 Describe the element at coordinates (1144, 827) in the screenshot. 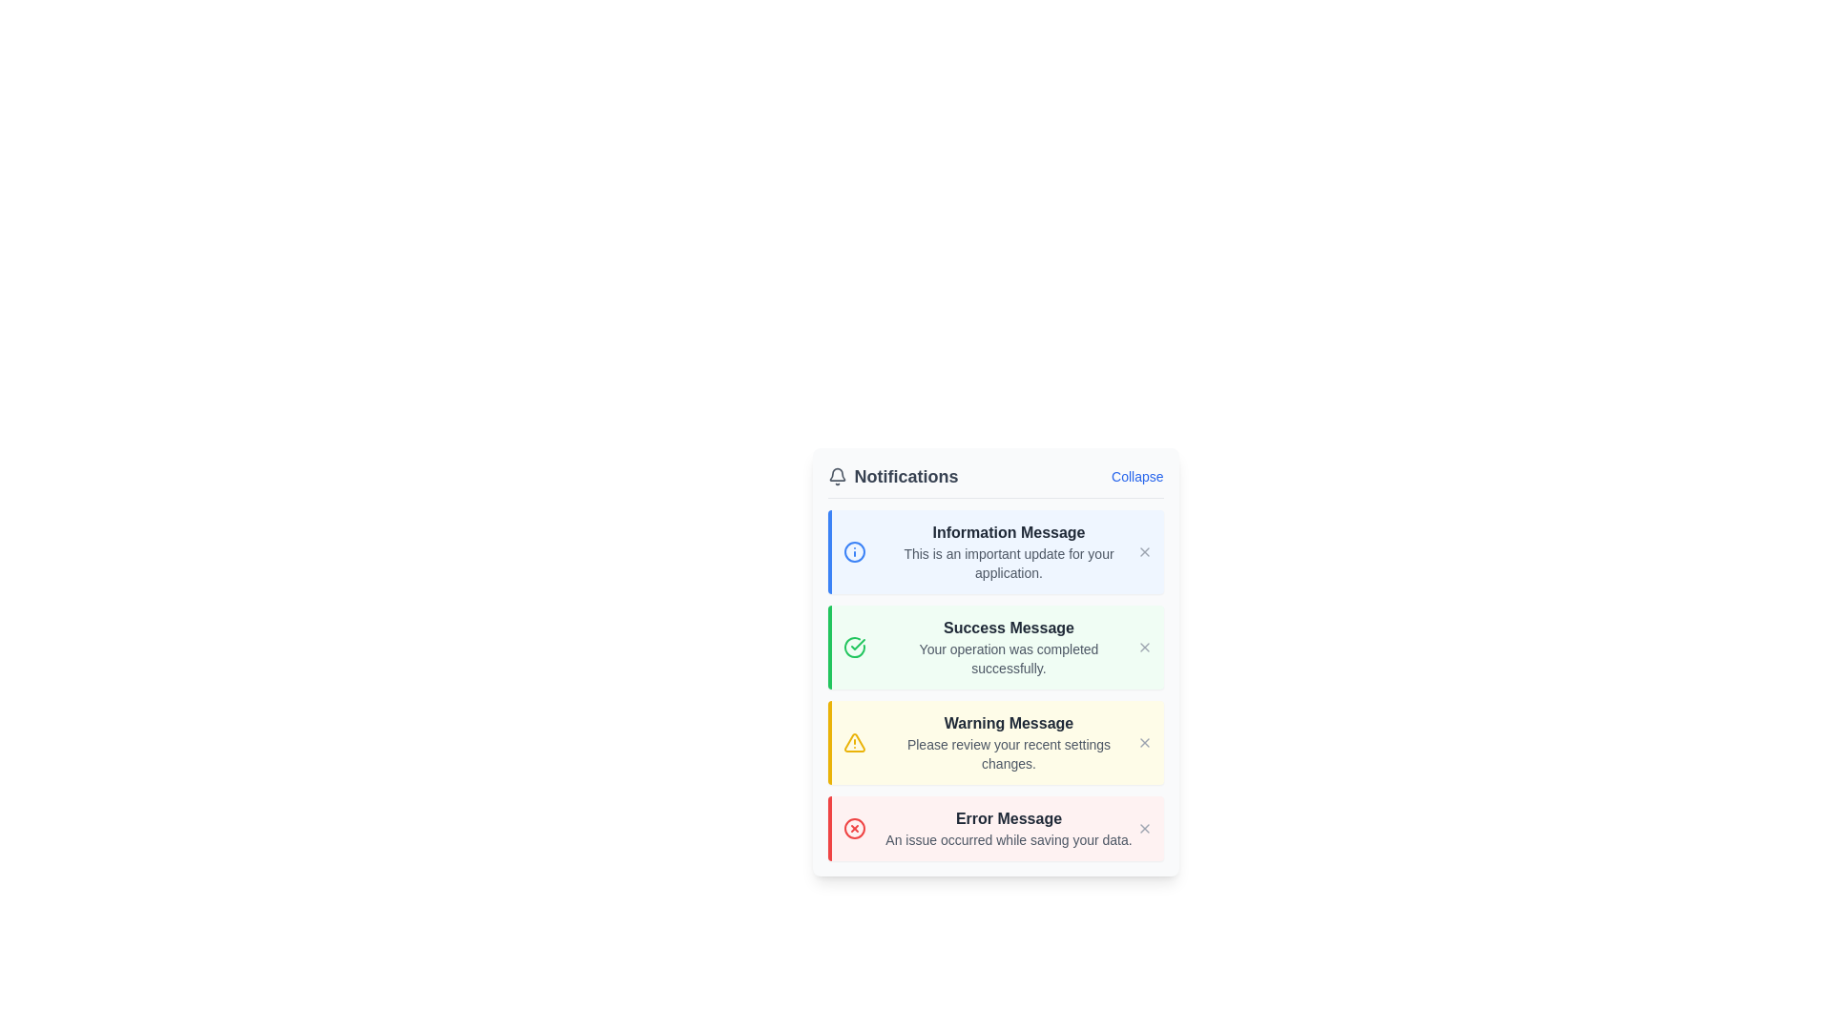

I see `the Close button located at the top-right corner of the error notification area to change its color` at that location.